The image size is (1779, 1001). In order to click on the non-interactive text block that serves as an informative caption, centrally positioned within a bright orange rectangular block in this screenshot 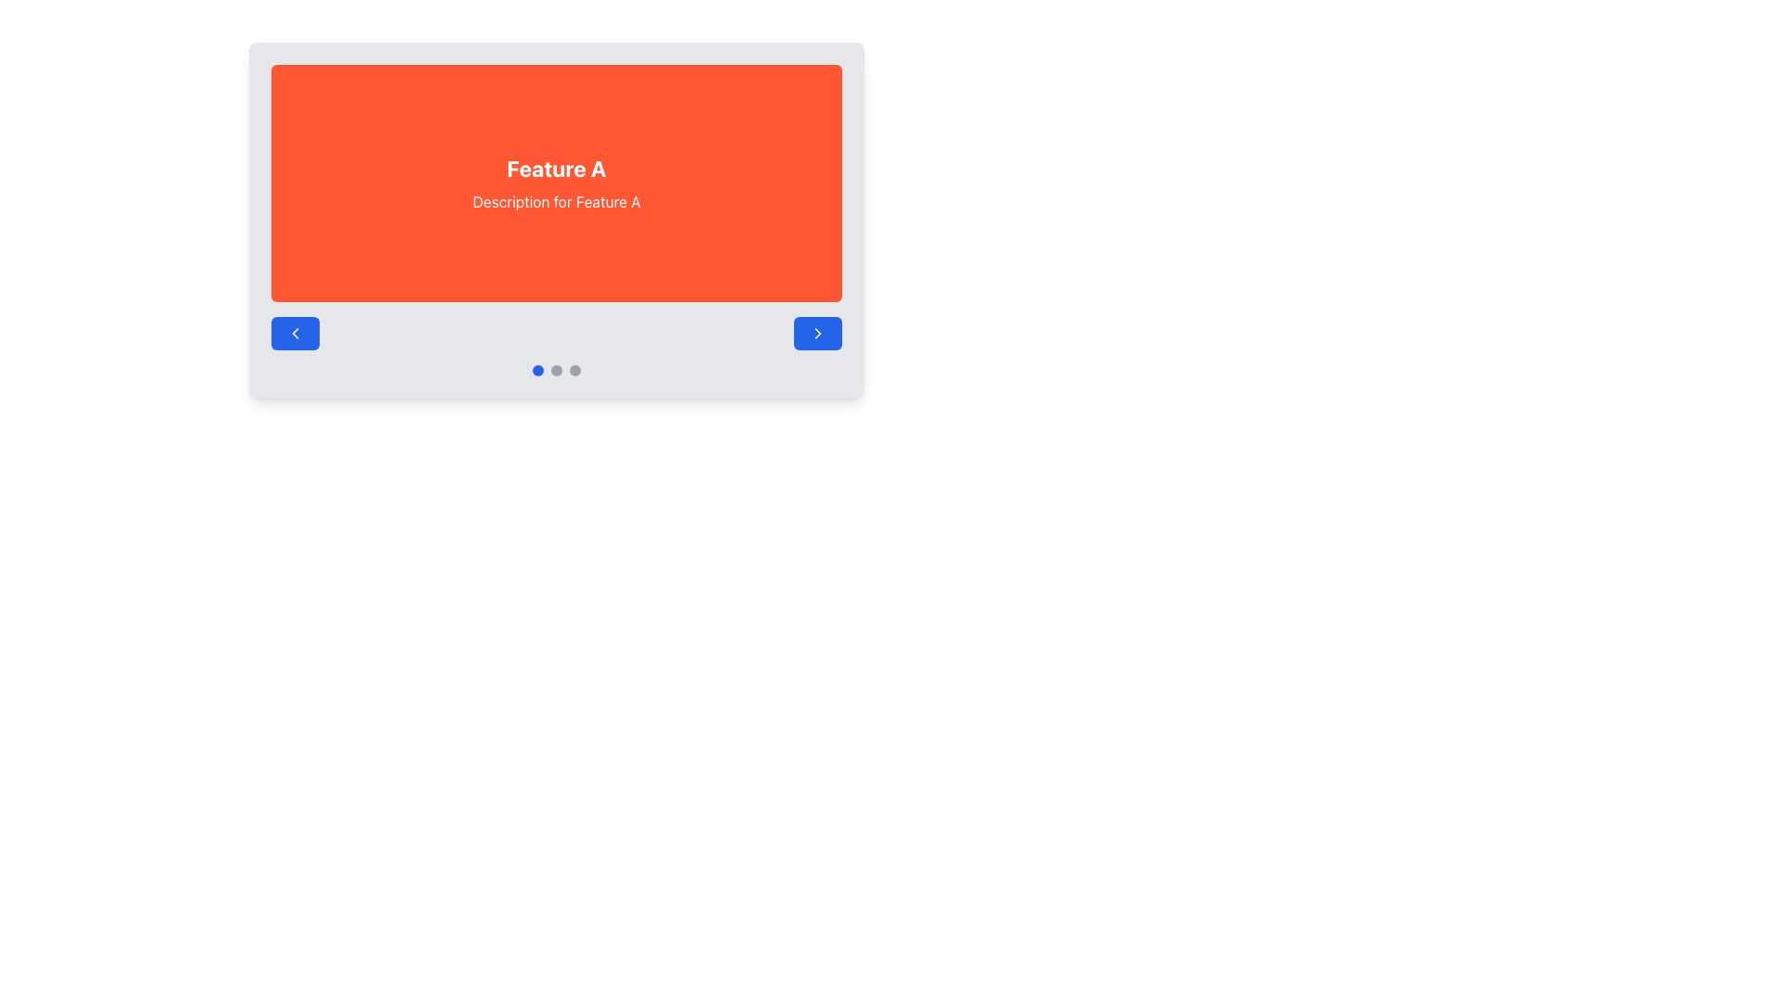, I will do `click(555, 183)`.